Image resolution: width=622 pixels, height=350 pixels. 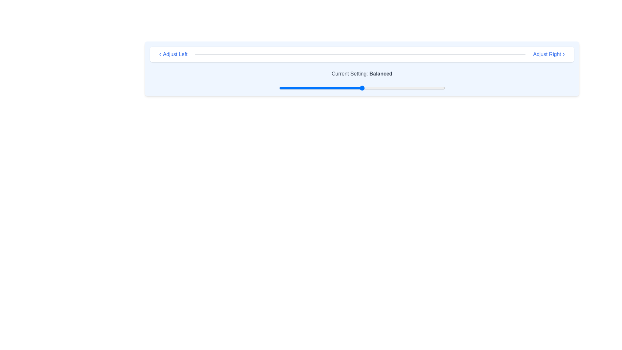 What do you see at coordinates (160, 54) in the screenshot?
I see `the left-pointing chevron icon within the 'Adjust Left' button located on the left side of the interface` at bounding box center [160, 54].